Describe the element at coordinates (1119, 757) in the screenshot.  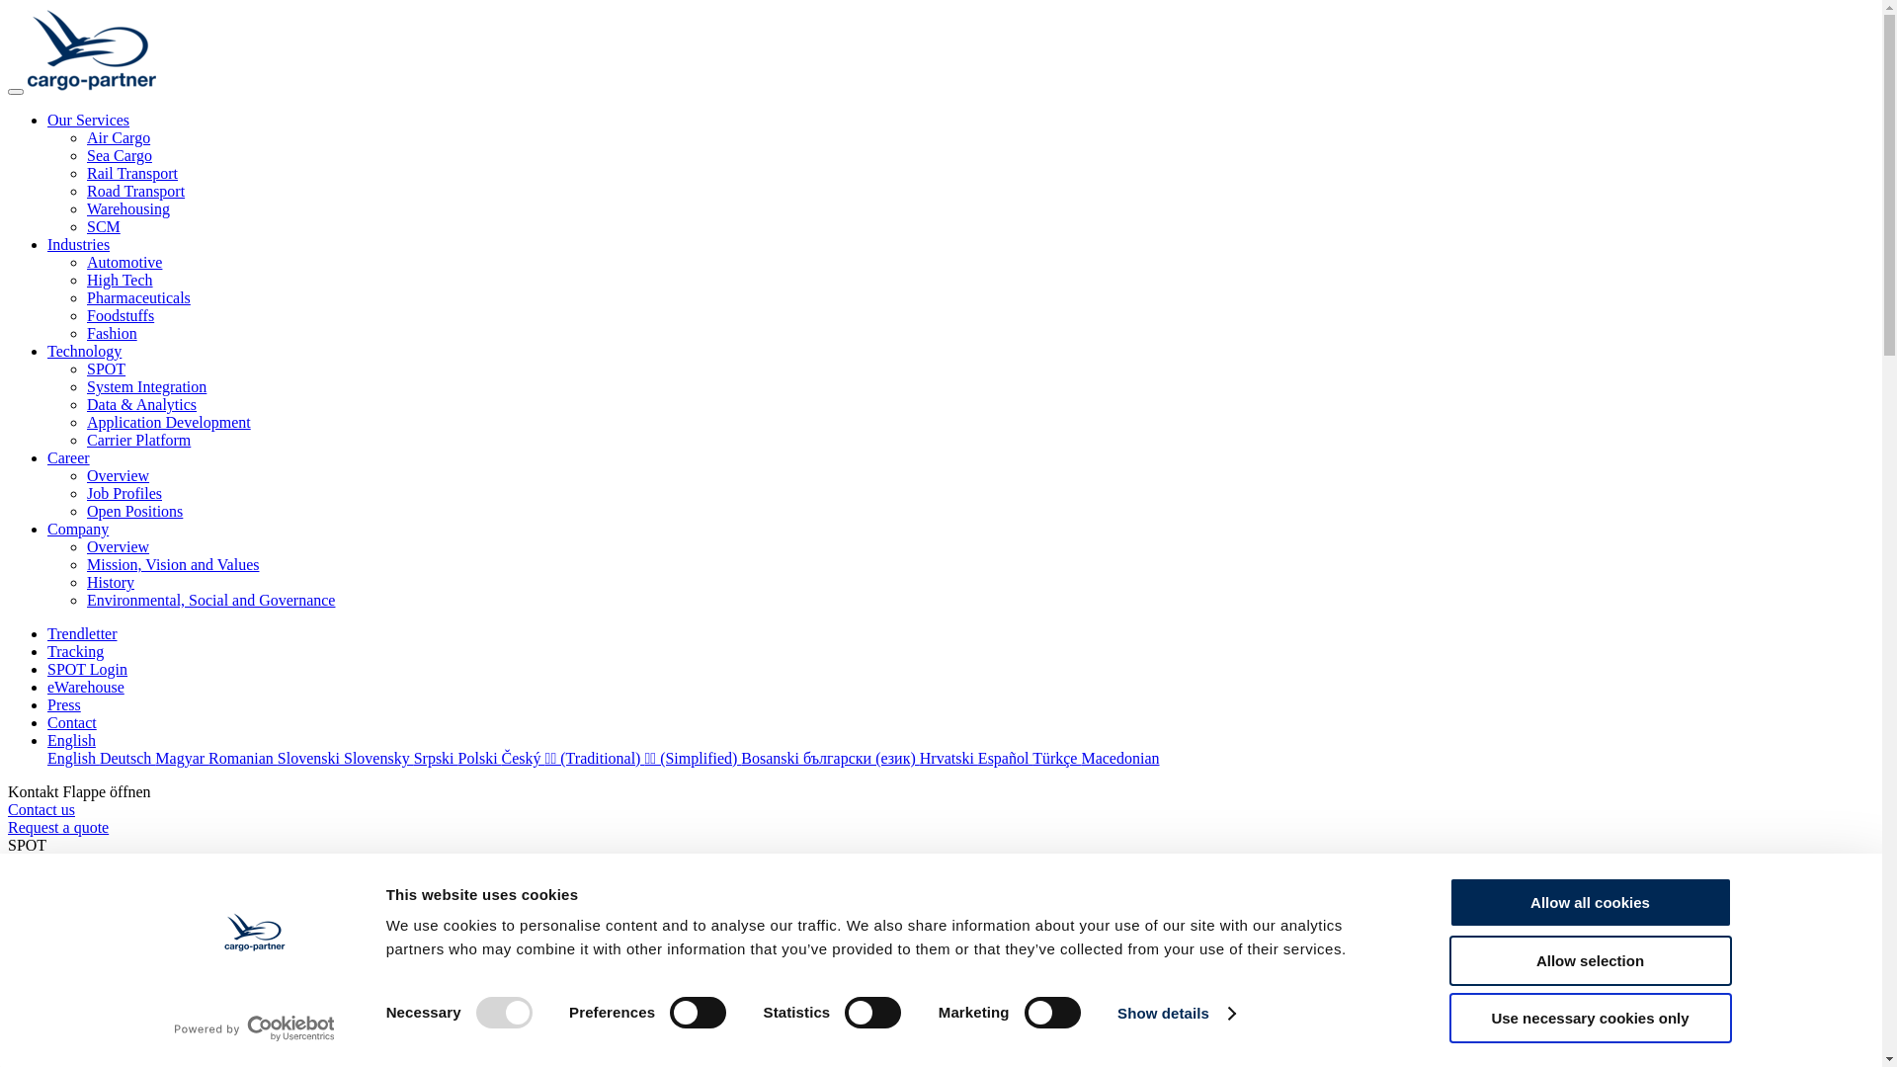
I see `'Macedonian'` at that location.